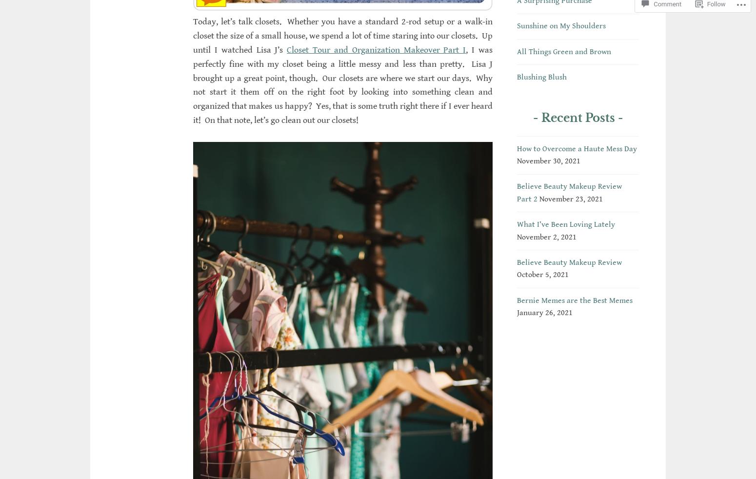 The width and height of the screenshot is (756, 479). What do you see at coordinates (376, 49) in the screenshot?
I see `'Closet Tour and Organization Makeover Part I'` at bounding box center [376, 49].